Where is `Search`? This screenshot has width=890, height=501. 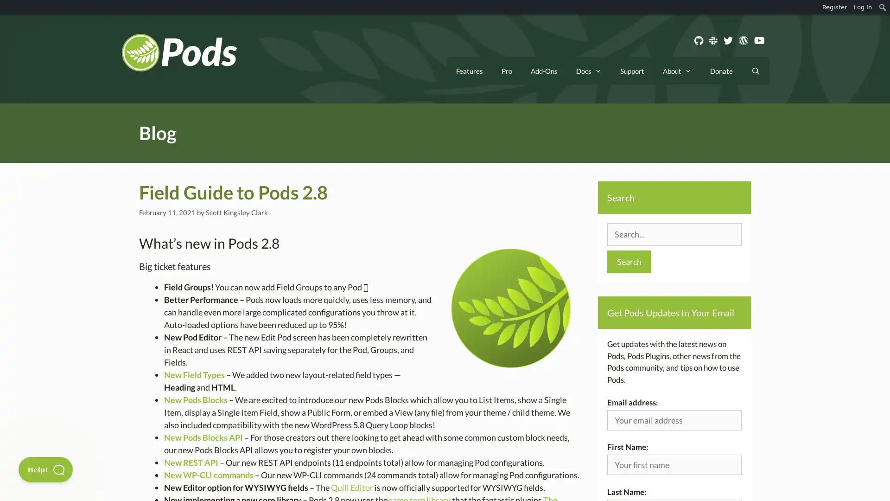
Search is located at coordinates (629, 262).